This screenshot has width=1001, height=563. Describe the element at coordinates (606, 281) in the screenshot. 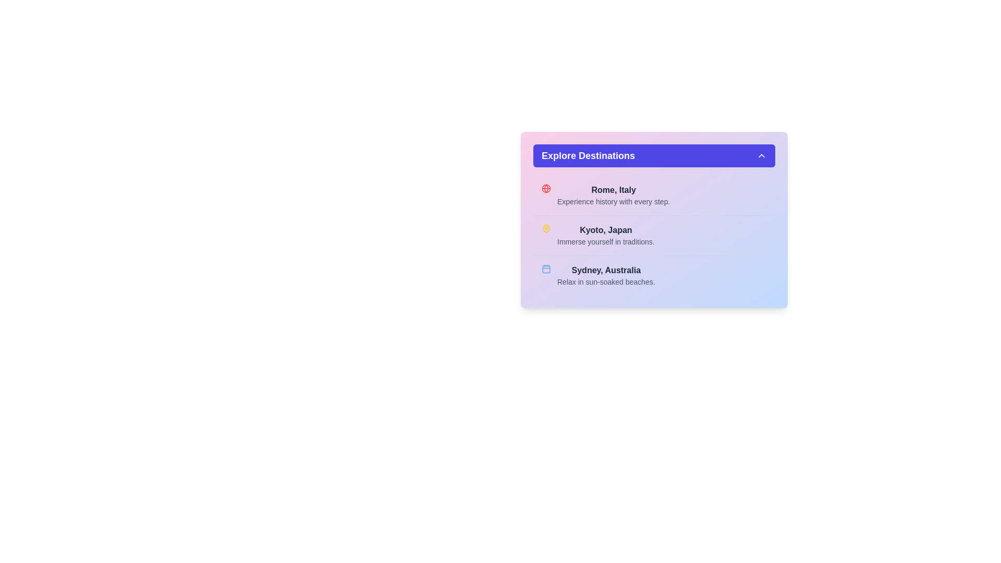

I see `the static text description reading 'Relax in sun-soaked beaches.' located below 'Sydney, Australia' in the 'Explore Destinations' panel` at that location.